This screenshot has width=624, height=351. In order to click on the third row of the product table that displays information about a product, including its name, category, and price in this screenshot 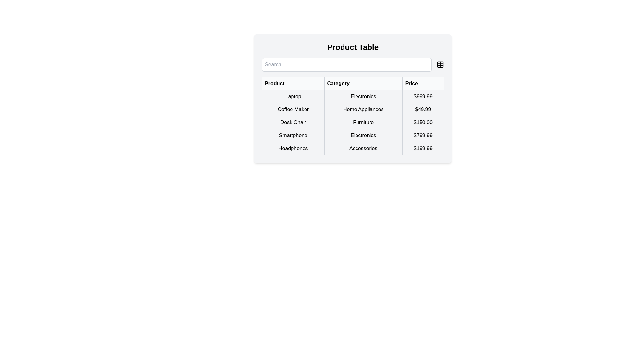, I will do `click(352, 123)`.